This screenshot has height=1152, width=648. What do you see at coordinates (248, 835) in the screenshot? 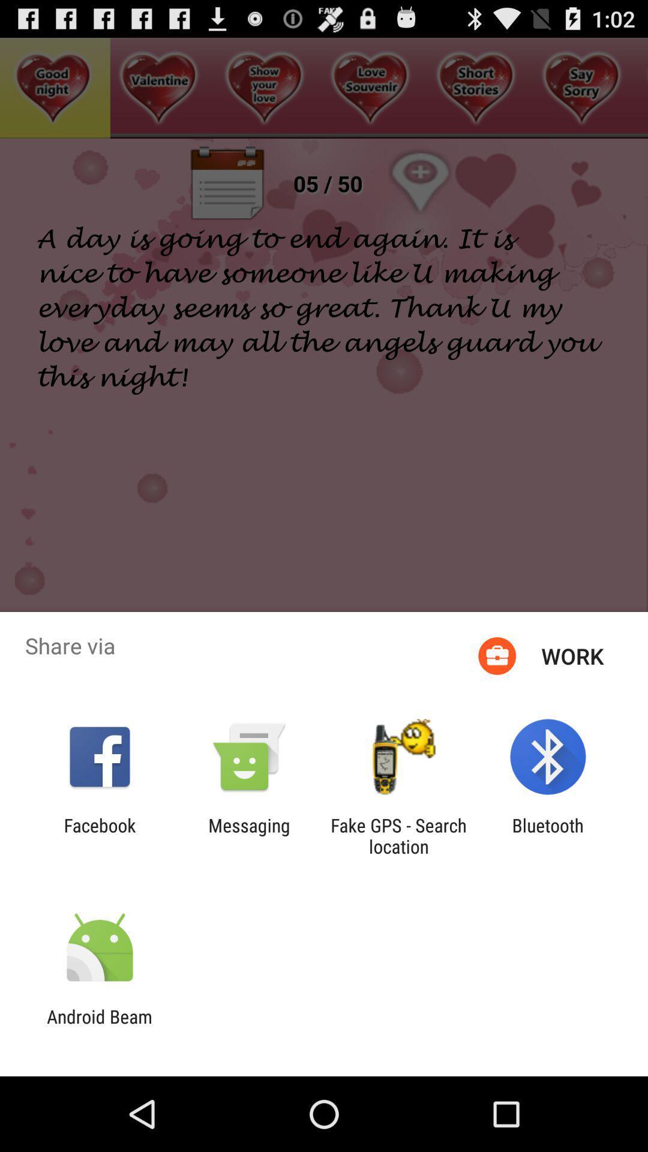
I see `the messaging` at bounding box center [248, 835].